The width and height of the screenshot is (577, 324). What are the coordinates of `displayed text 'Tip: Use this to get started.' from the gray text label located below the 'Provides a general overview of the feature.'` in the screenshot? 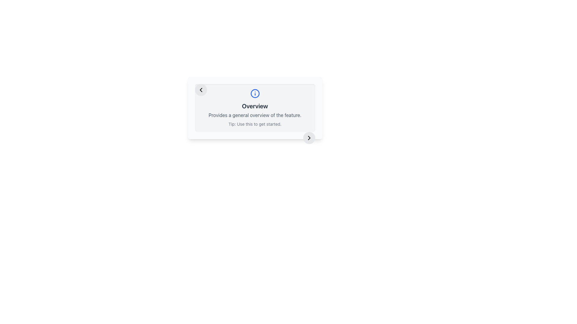 It's located at (255, 124).